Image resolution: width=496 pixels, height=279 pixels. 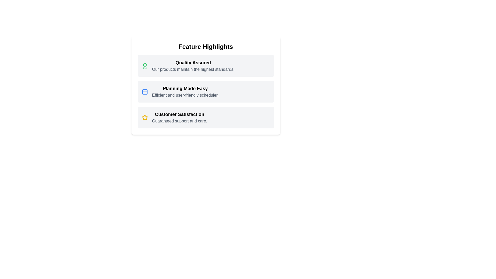 What do you see at coordinates (205, 91) in the screenshot?
I see `the highlighted feature card that emphasizes the ease of planning and scheduling, which is the second card in a vertical list of three feature cards` at bounding box center [205, 91].